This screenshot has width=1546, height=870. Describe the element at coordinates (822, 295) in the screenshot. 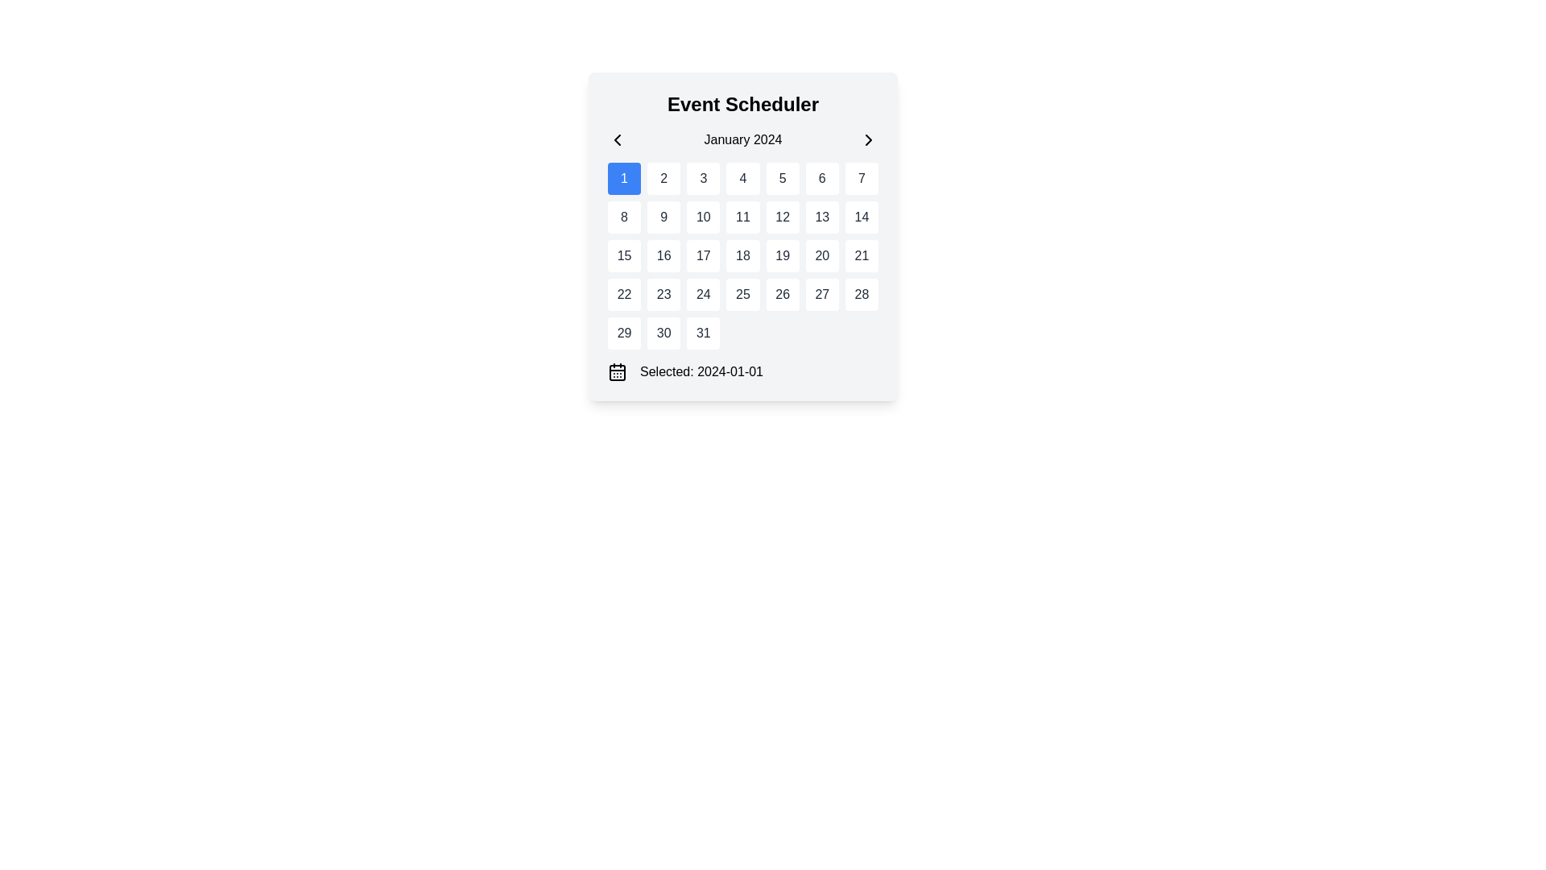

I see `the Calendar Date Cell displaying the number '27'` at that location.